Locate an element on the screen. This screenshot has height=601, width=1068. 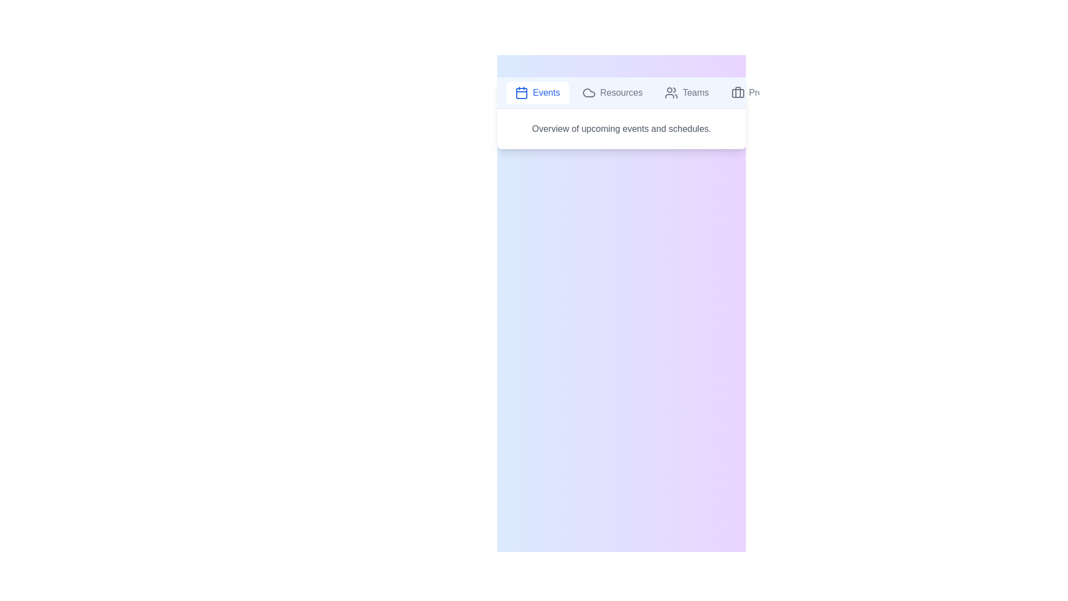
the tab labeled Events to display its content is located at coordinates (537, 92).